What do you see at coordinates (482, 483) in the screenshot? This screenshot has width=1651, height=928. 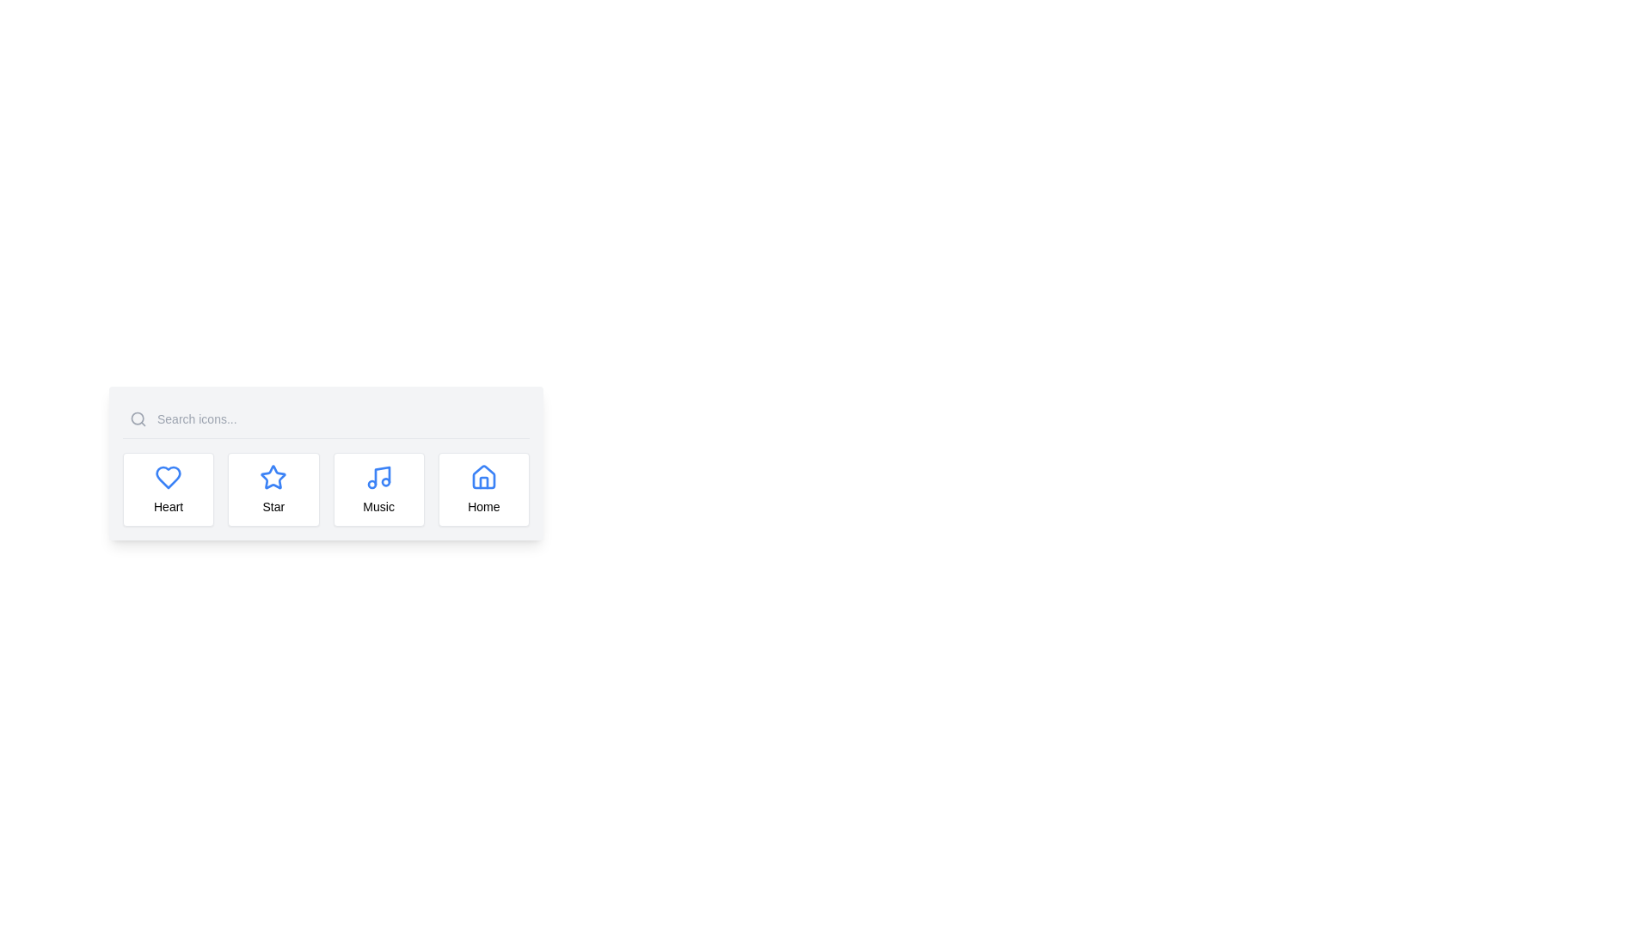 I see `the door-like vector graphic element of the house icon located in the bottom menu row, which is the fourth icon following the Heart, Star, and Music icons` at bounding box center [482, 483].